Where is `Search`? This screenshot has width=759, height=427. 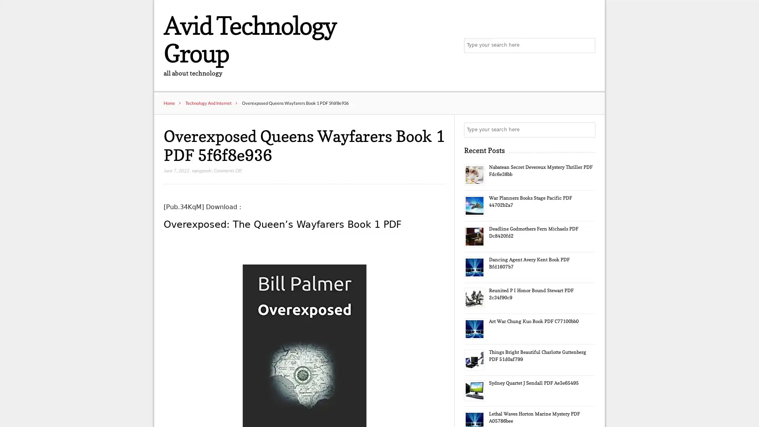 Search is located at coordinates (587, 45).